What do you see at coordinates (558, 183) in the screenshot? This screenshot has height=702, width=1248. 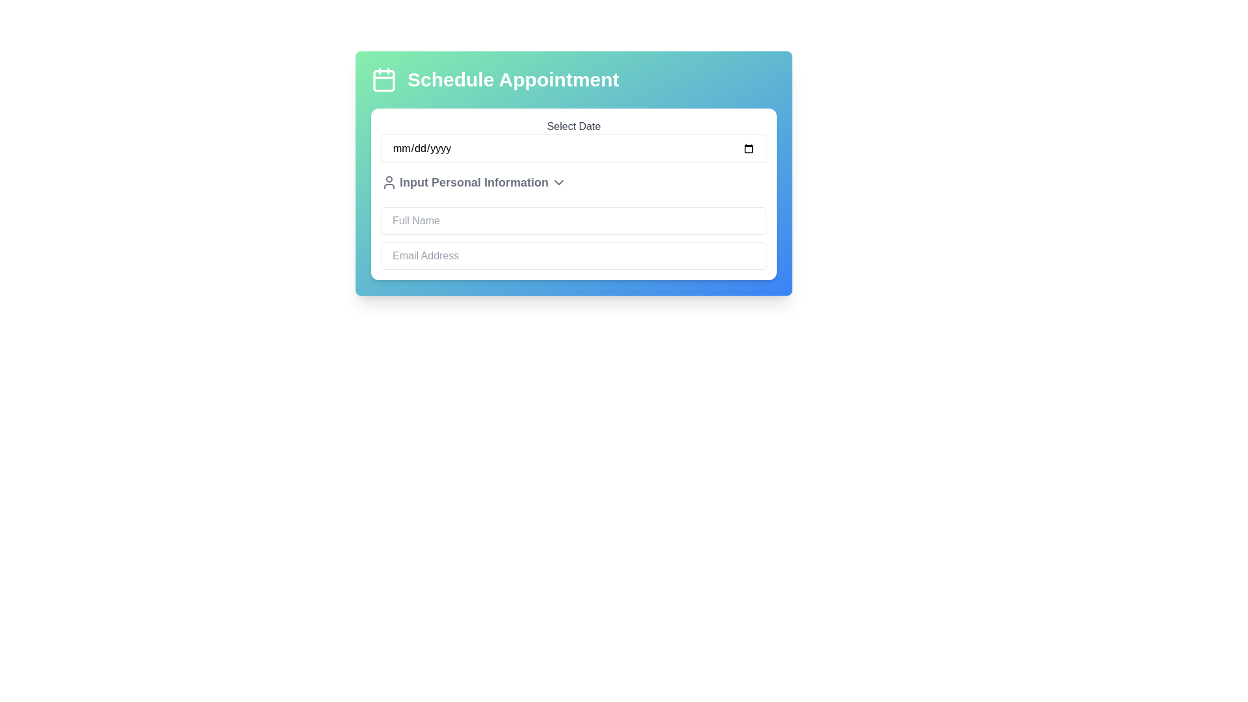 I see `the downward-pointing chevron icon located to the right of the text 'Input Personal Information'` at bounding box center [558, 183].